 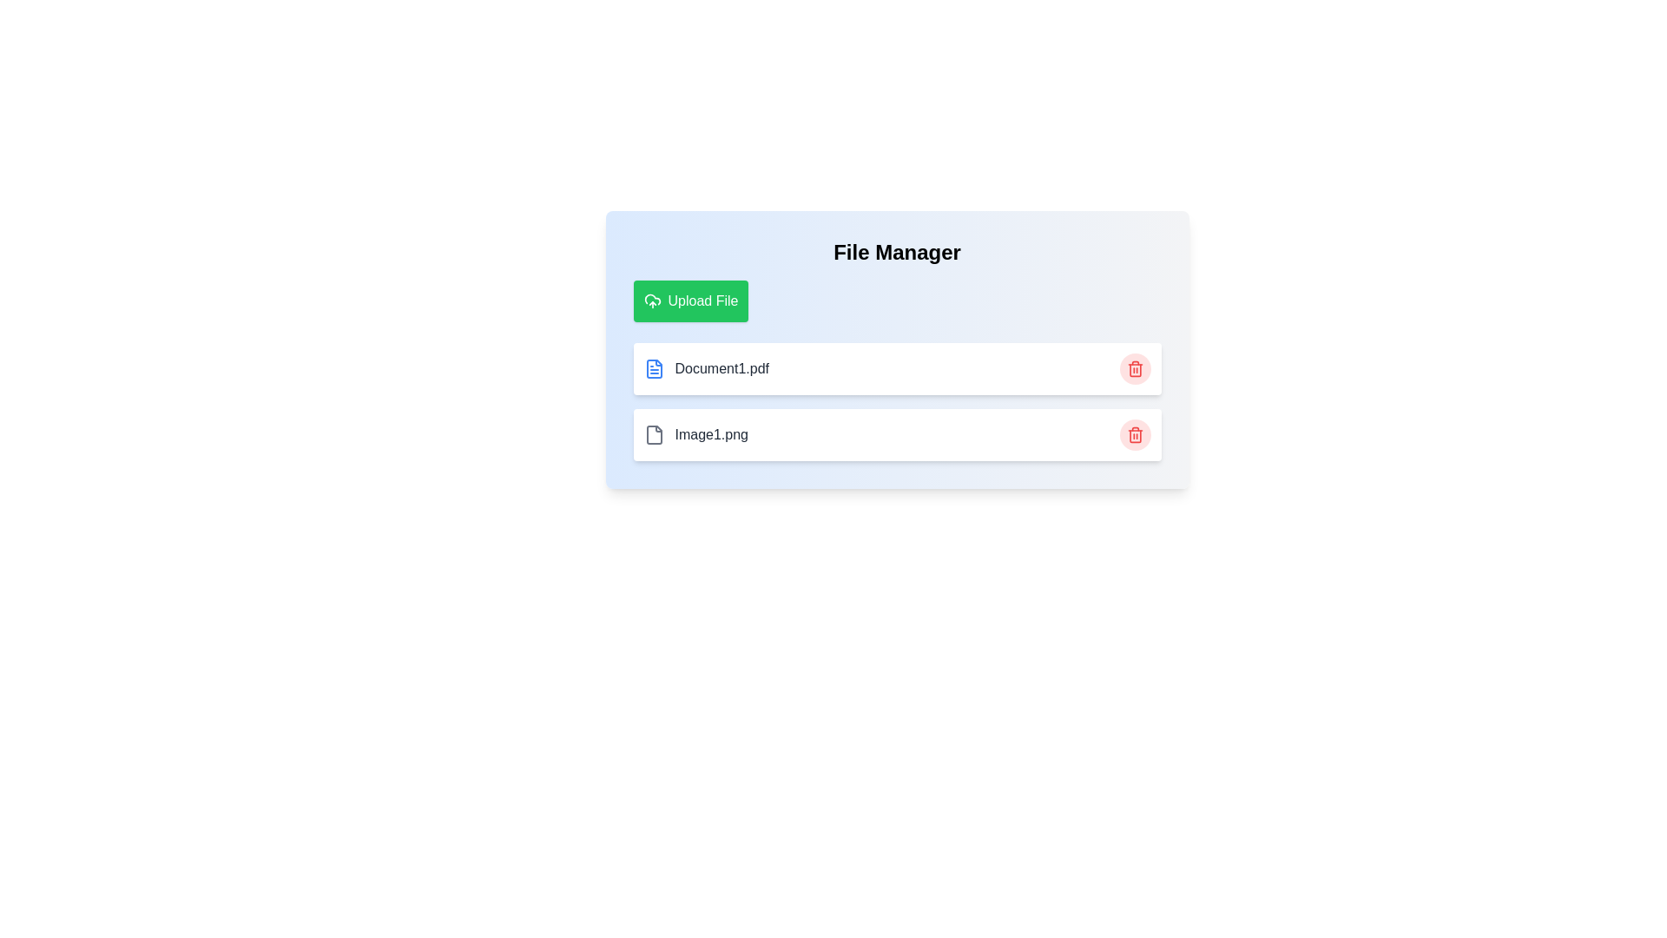 What do you see at coordinates (706, 367) in the screenshot?
I see `the file entry displaying 'Document1.pdf' with a blue file icon` at bounding box center [706, 367].